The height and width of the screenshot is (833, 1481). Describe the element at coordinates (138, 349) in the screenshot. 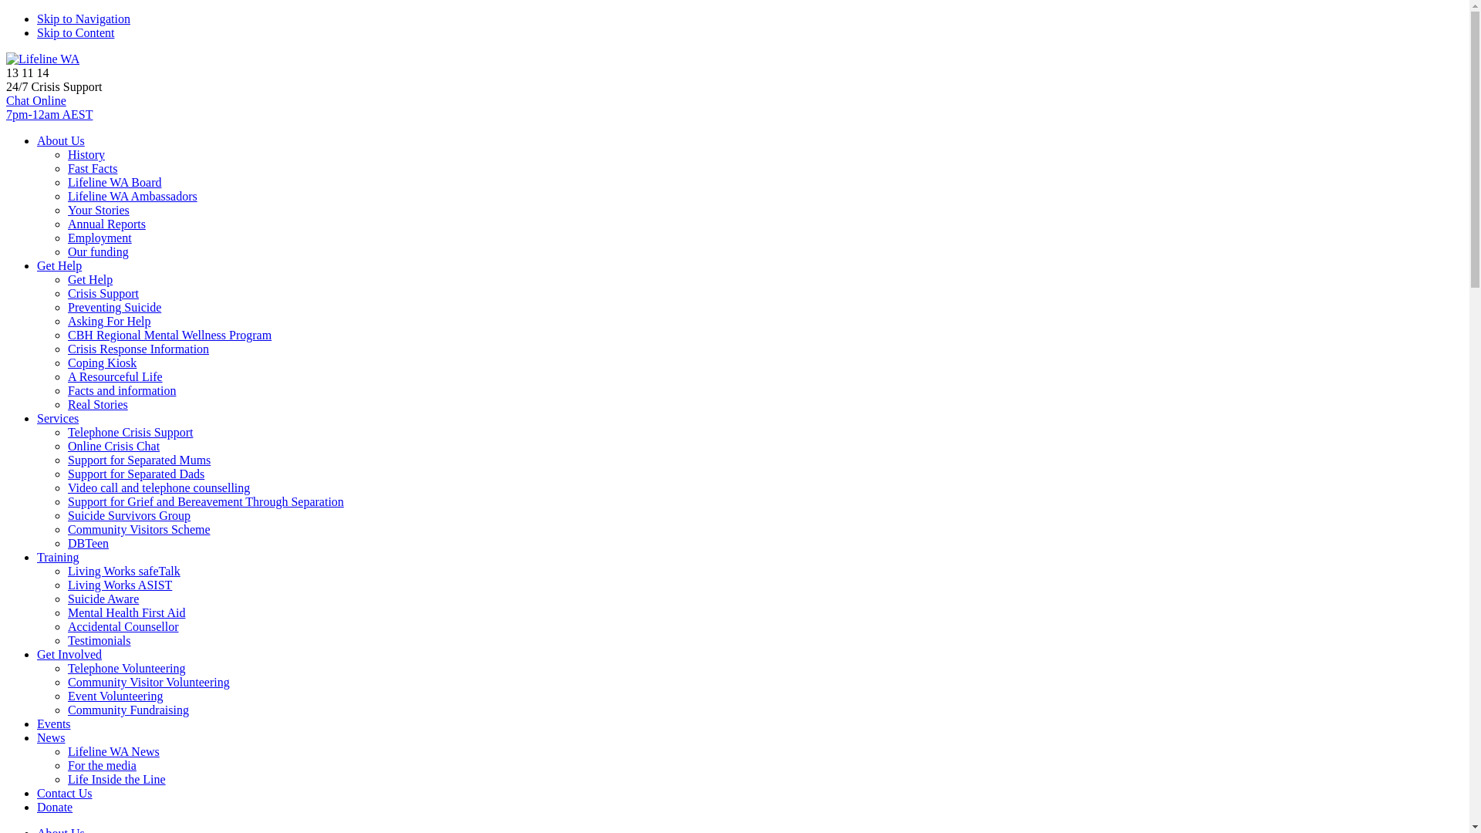

I see `'Crisis Response Information'` at that location.